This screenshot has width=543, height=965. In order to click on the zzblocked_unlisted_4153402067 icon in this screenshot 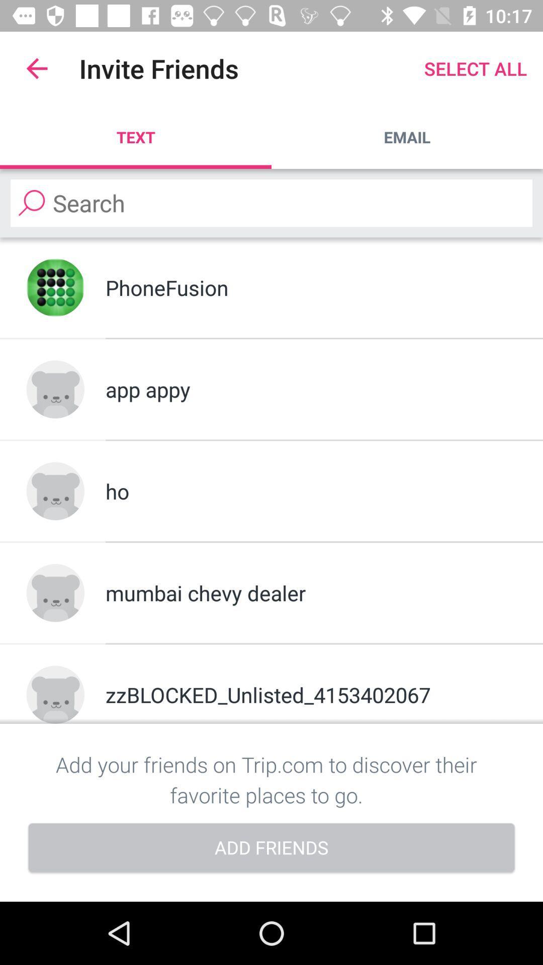, I will do `click(310, 694)`.